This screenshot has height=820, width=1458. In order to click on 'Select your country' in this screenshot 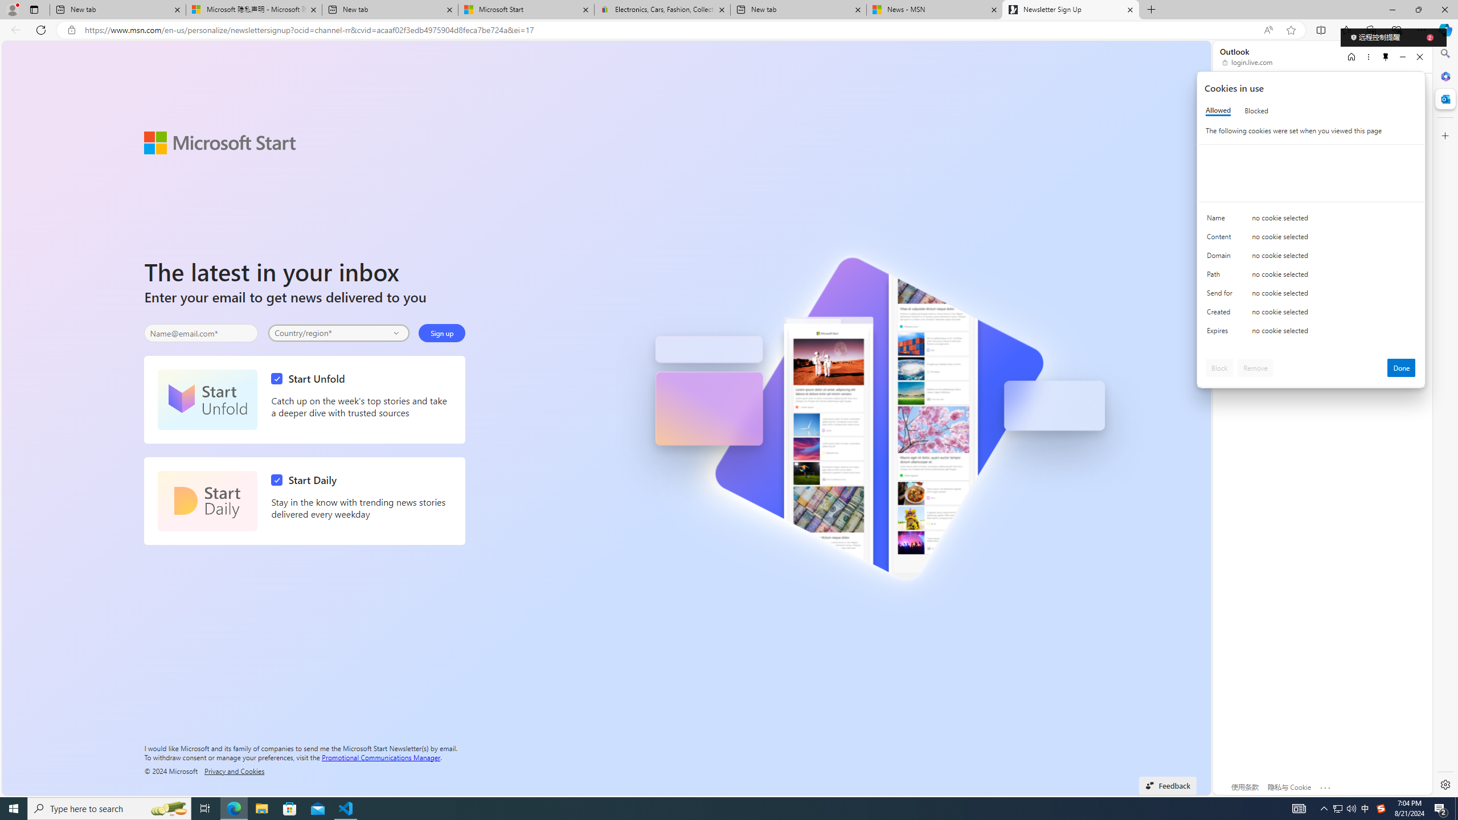, I will do `click(339, 333)`.